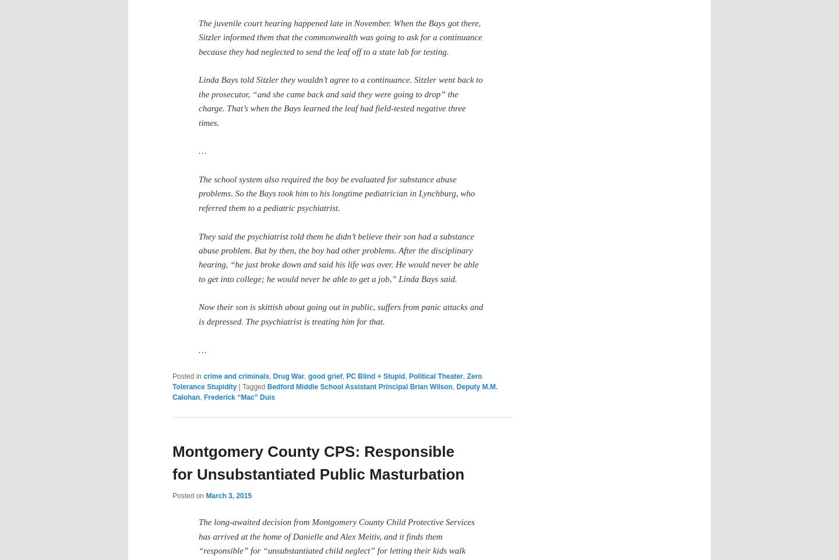 The image size is (839, 560). I want to click on 'Now their son is skittish about going out in public, suffers from panic attacks and is depressed. The psychiatrist is treating him for that.', so click(340, 314).